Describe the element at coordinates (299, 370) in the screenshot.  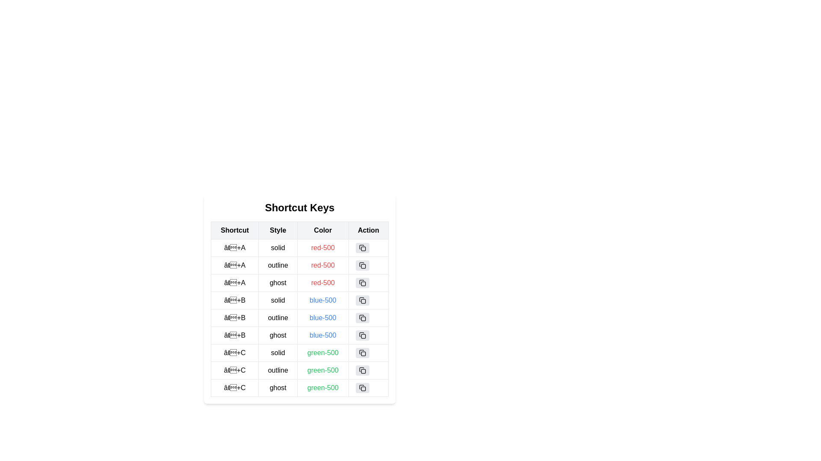
I see `the second-to-last table row in the 'Shortcut Keys' section` at that location.